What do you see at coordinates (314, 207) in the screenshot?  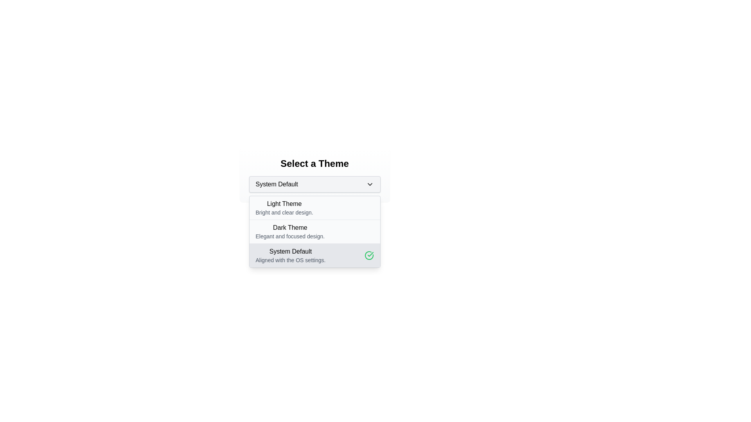 I see `the 'Light Theme' option in the 'Select a Theme' dropdown menu` at bounding box center [314, 207].